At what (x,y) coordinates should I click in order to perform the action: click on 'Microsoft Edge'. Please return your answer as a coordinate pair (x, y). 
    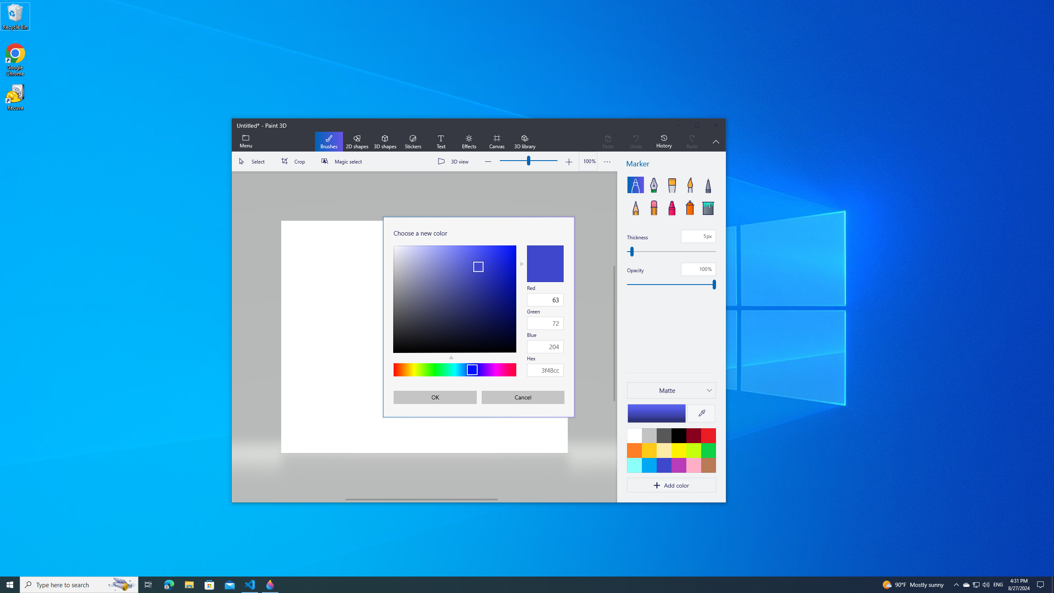
    Looking at the image, I should click on (168, 584).